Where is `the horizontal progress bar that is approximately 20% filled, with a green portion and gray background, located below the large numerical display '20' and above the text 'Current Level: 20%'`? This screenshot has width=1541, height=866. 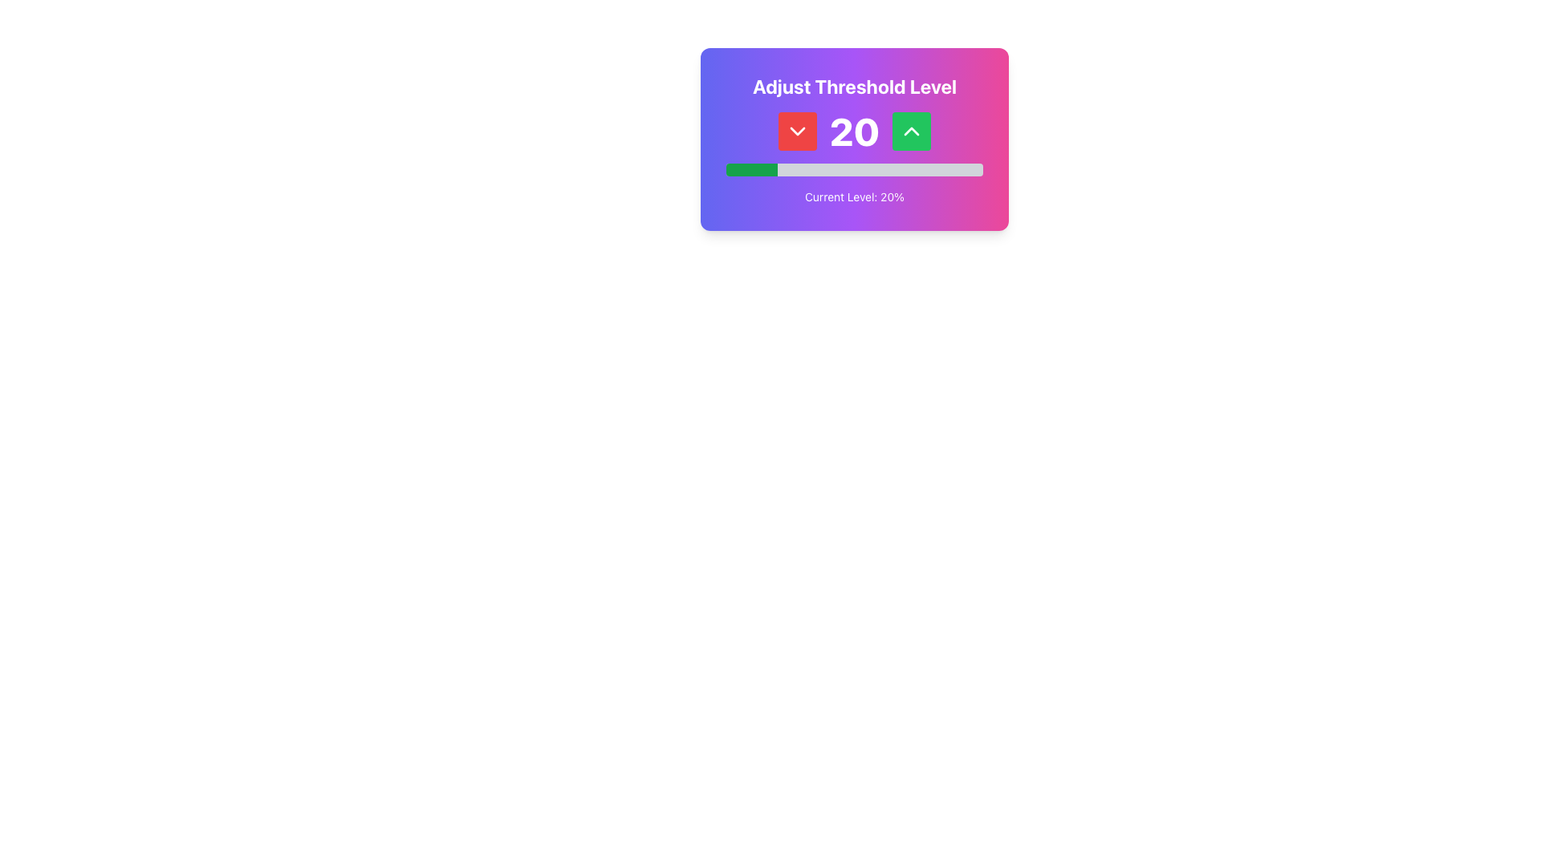 the horizontal progress bar that is approximately 20% filled, with a green portion and gray background, located below the large numerical display '20' and above the text 'Current Level: 20%' is located at coordinates (854, 170).